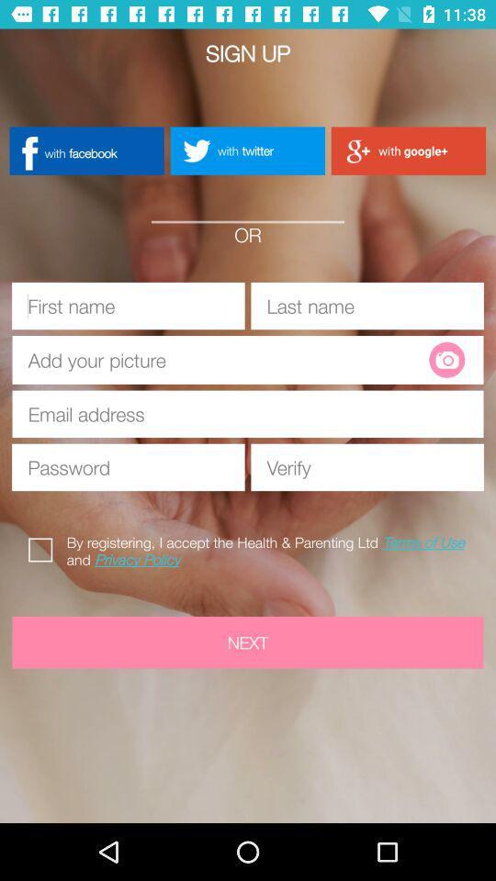 The width and height of the screenshot is (496, 881). What do you see at coordinates (85, 150) in the screenshot?
I see `the app below the sign up item` at bounding box center [85, 150].